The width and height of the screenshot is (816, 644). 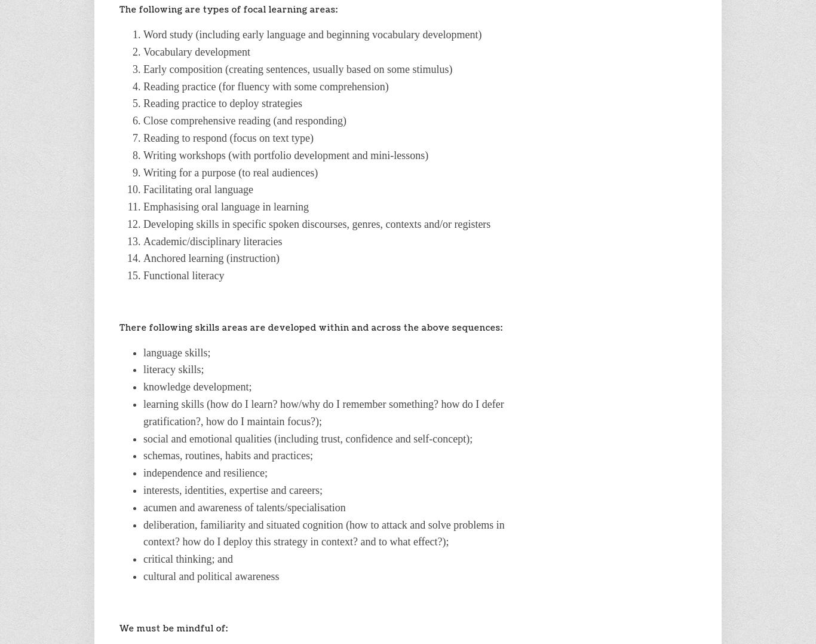 I want to click on 'cultural and political awareness', so click(x=210, y=576).